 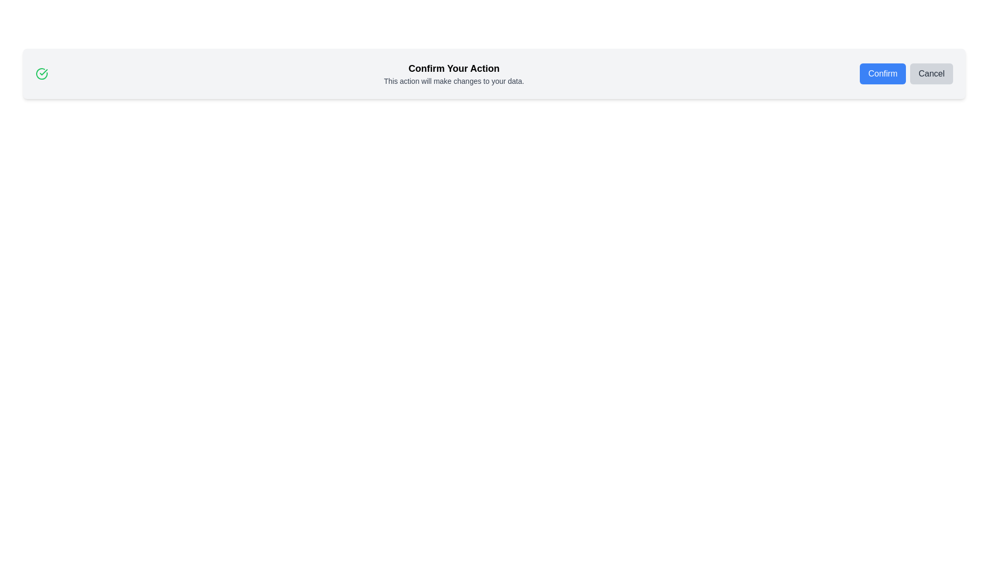 What do you see at coordinates (882, 73) in the screenshot?
I see `the confirmation button located at the top right section of the interface, which is the first button in a row of two buttons, to confirm the action` at bounding box center [882, 73].